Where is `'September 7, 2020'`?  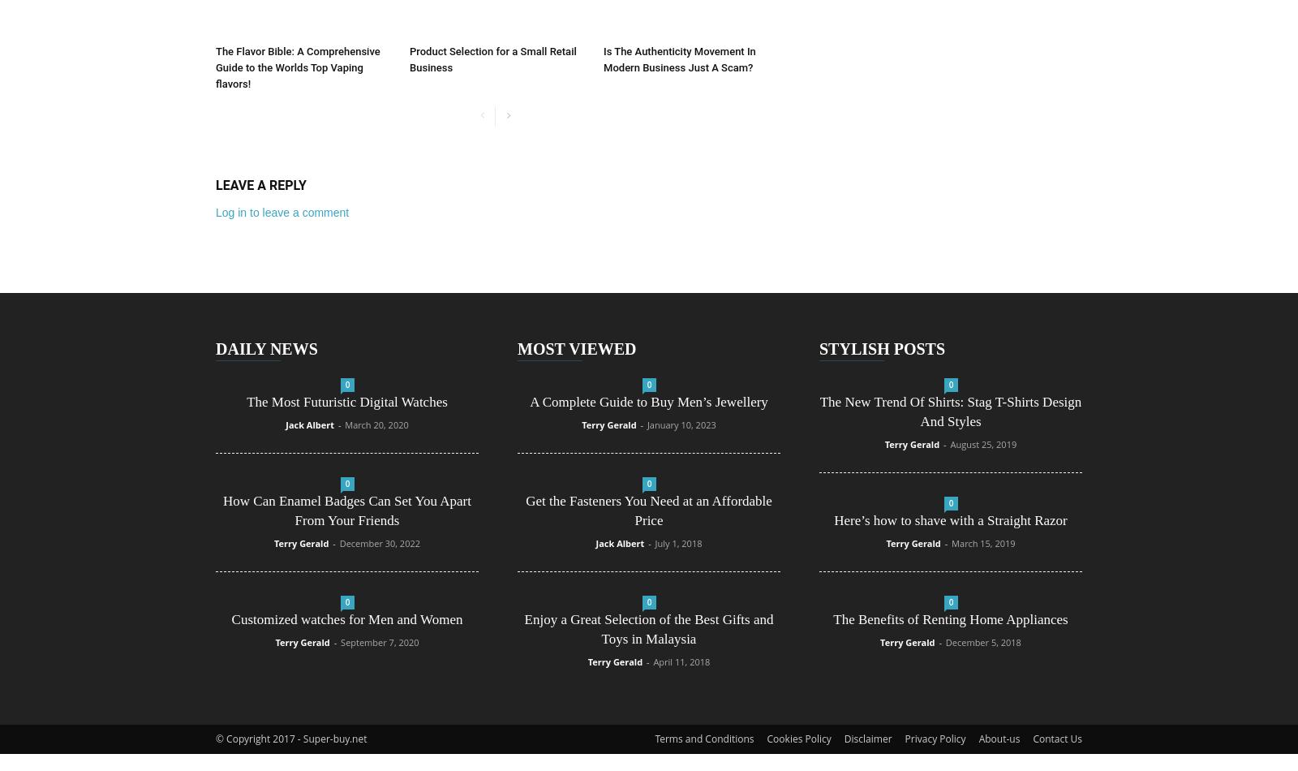
'September 7, 2020' is located at coordinates (379, 640).